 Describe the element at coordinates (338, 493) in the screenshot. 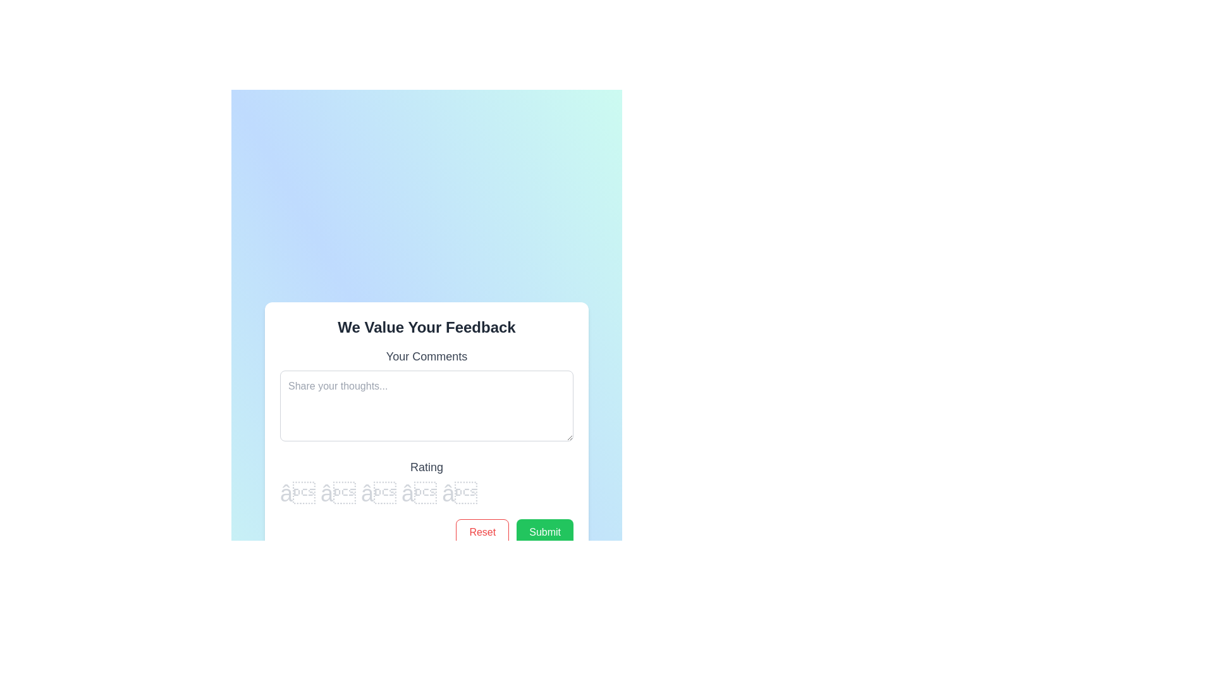

I see `the second star-shaped button, which is gray and changes to yellow when hovered, located below the 'Rating' label` at that location.